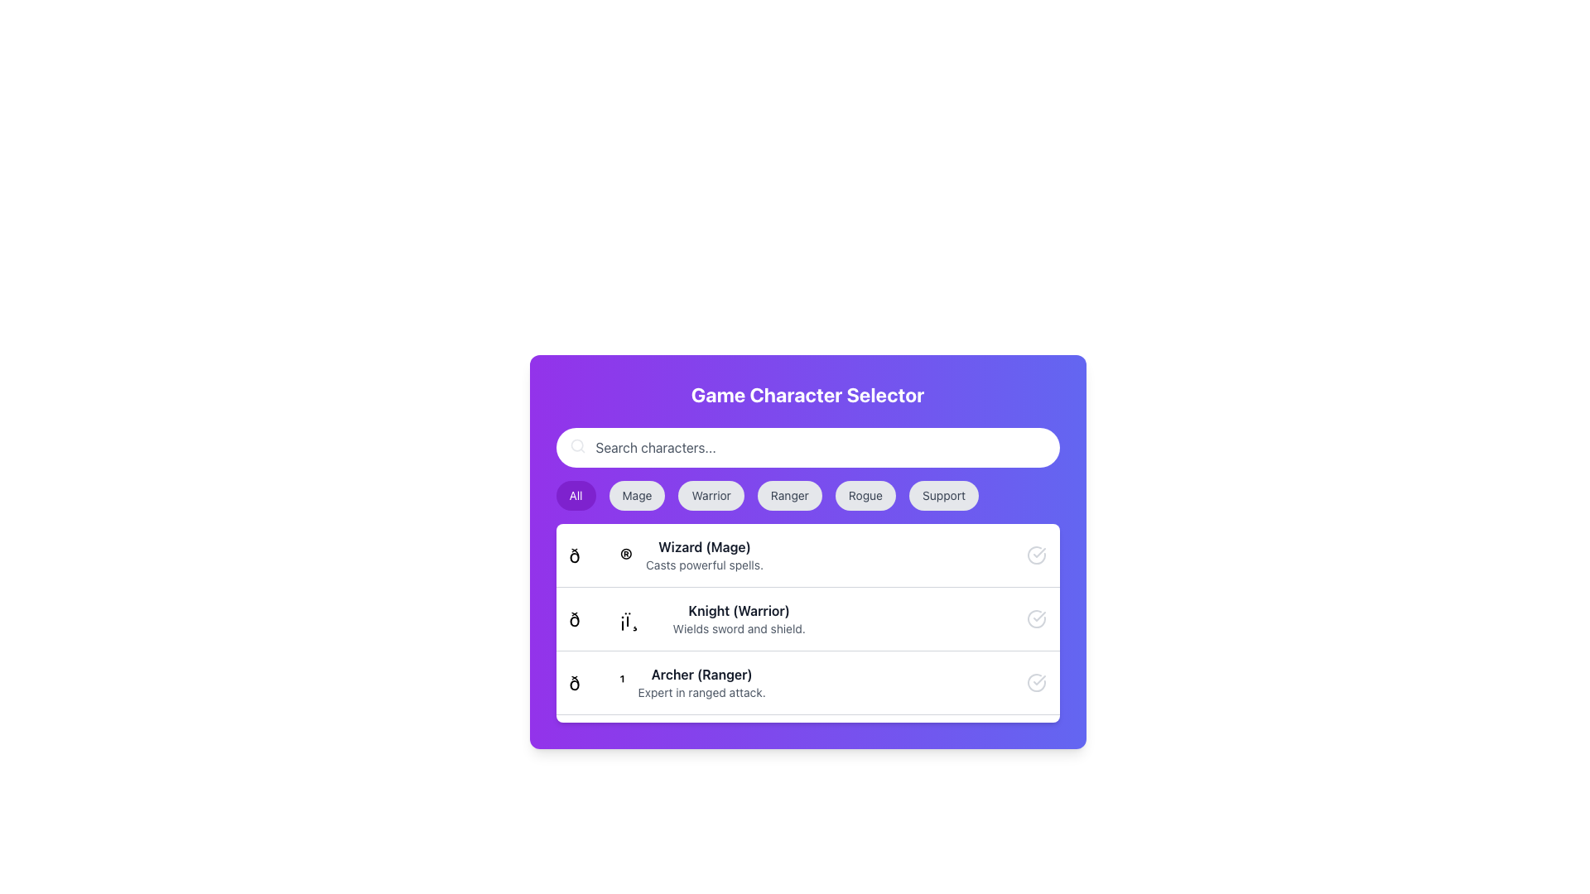  Describe the element at coordinates (1035, 555) in the screenshot. I see `the selection icon for the 'Wizard (Mage)' character located at the right end of its row` at that location.